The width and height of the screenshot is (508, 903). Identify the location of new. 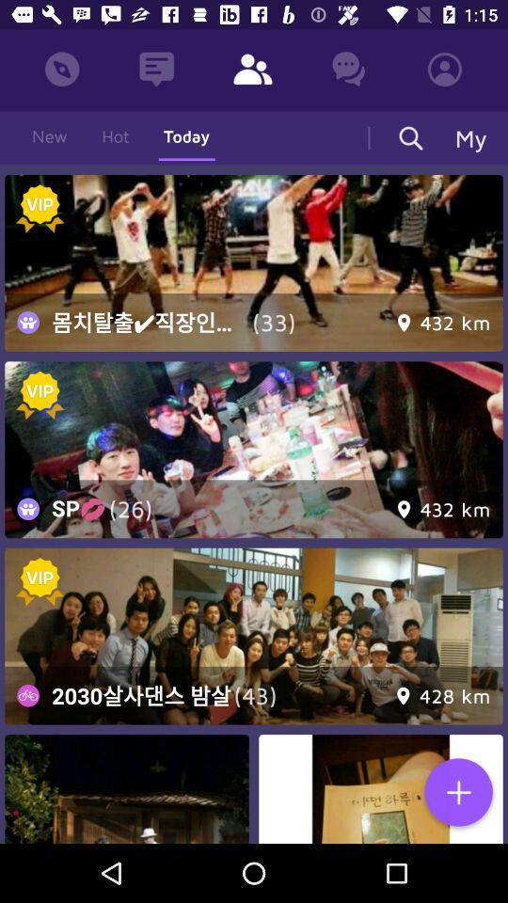
(457, 793).